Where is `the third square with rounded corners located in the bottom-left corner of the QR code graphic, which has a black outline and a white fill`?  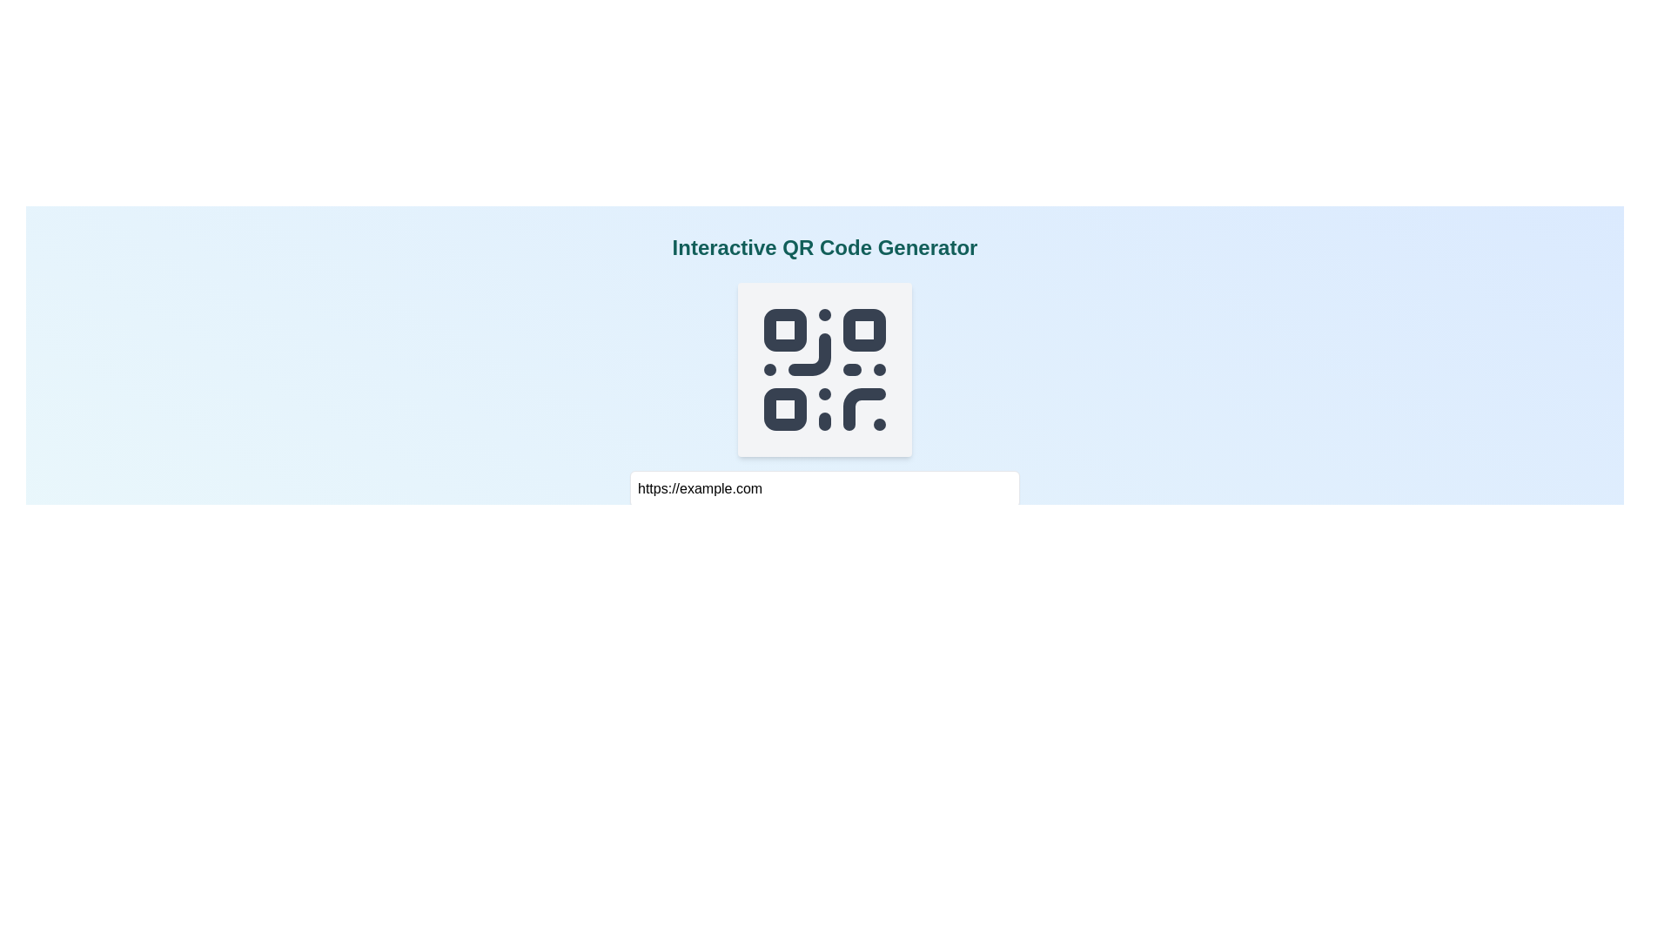 the third square with rounded corners located in the bottom-left corner of the QR code graphic, which has a black outline and a white fill is located at coordinates (784, 409).